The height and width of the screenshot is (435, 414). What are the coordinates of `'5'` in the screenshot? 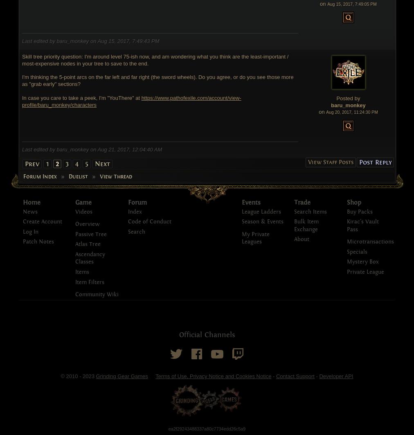 It's located at (87, 163).